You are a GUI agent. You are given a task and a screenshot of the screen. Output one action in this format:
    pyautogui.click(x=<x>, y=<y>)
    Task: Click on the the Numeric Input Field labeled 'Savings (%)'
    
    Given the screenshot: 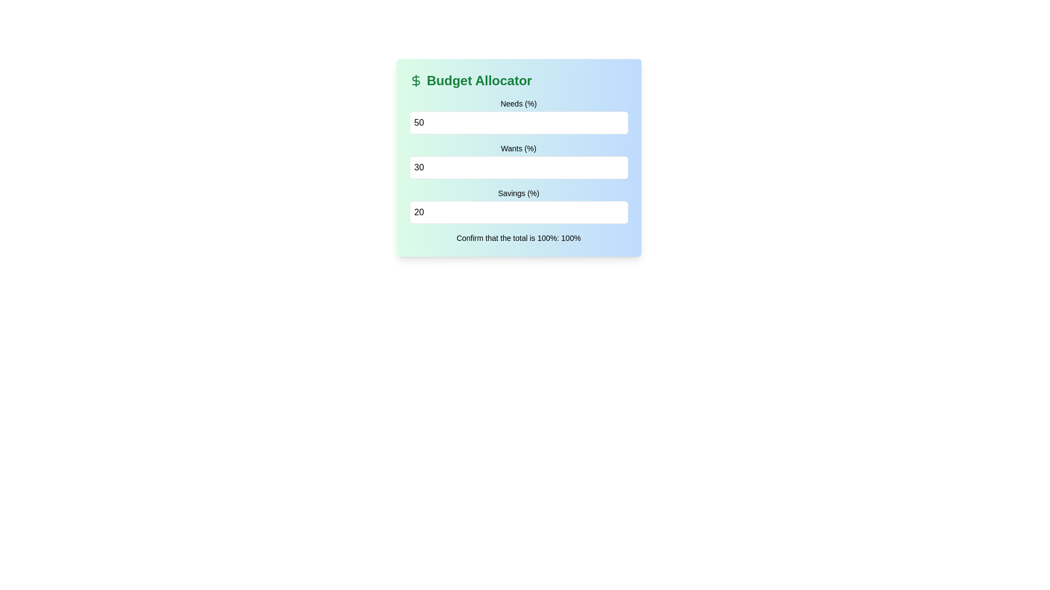 What is the action you would take?
    pyautogui.click(x=518, y=213)
    